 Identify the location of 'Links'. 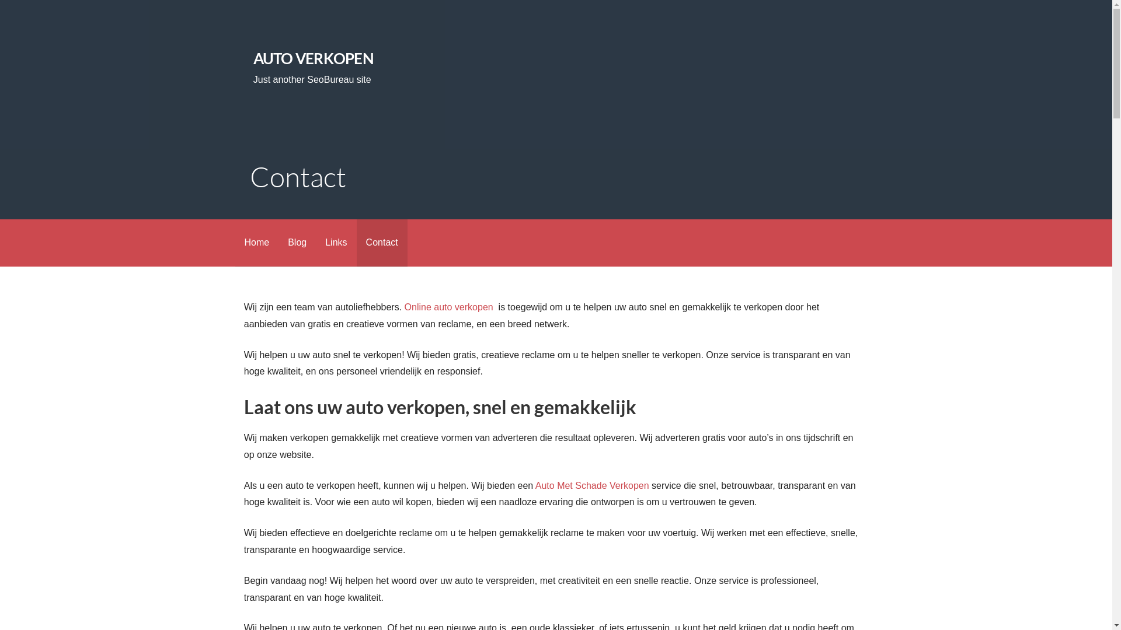
(335, 242).